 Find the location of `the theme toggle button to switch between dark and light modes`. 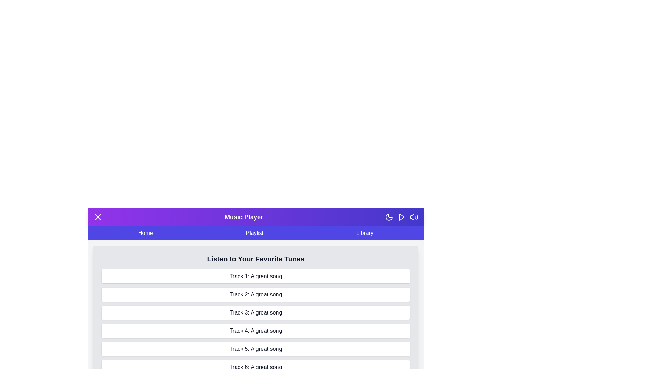

the theme toggle button to switch between dark and light modes is located at coordinates (388, 216).